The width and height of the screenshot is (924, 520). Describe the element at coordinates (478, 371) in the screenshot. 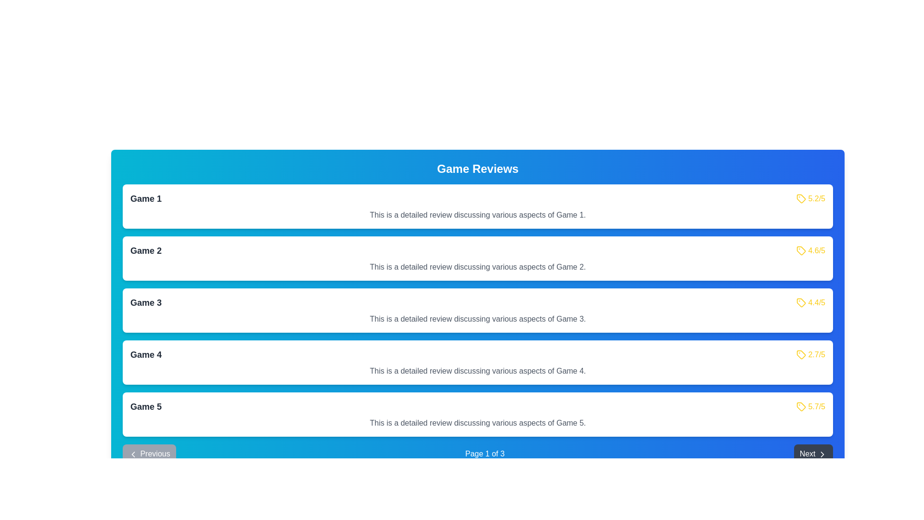

I see `the static text element stating 'This is a detailed review discussing various aspects of Game 4.' which is located at the center of the review card for 'Game 4'` at that location.